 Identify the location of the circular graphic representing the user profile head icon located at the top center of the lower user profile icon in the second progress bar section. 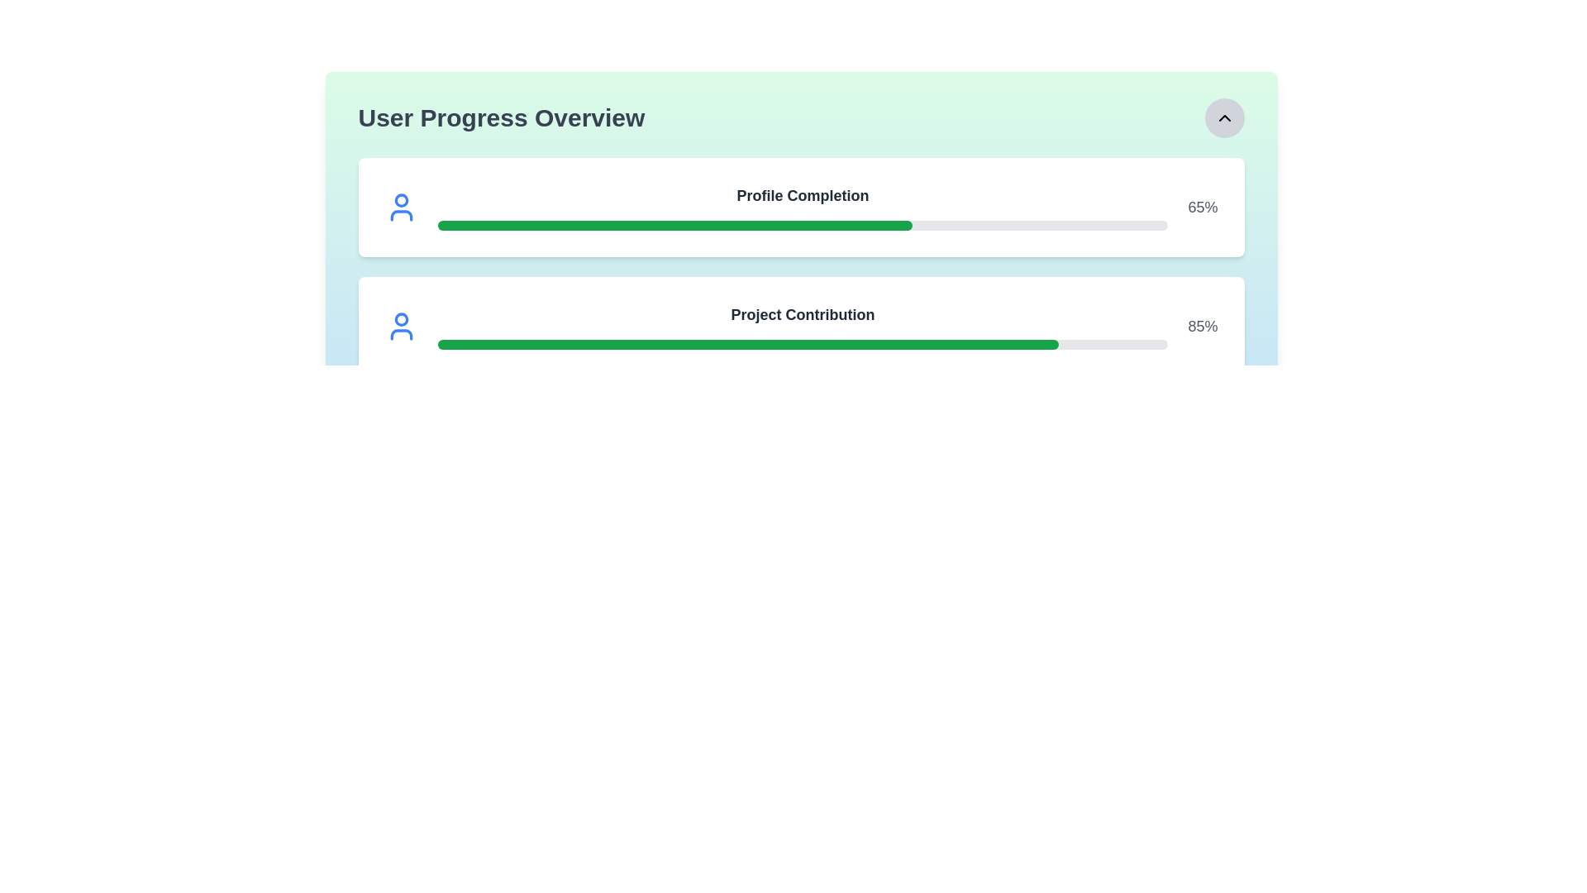
(401, 319).